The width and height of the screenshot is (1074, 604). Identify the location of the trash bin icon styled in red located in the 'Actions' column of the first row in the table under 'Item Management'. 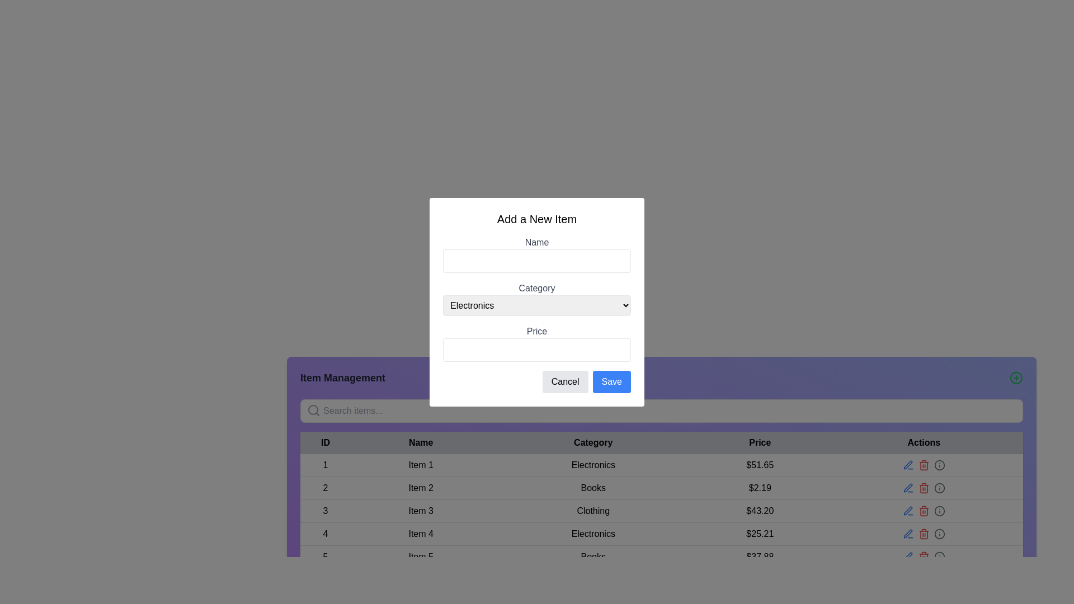
(924, 465).